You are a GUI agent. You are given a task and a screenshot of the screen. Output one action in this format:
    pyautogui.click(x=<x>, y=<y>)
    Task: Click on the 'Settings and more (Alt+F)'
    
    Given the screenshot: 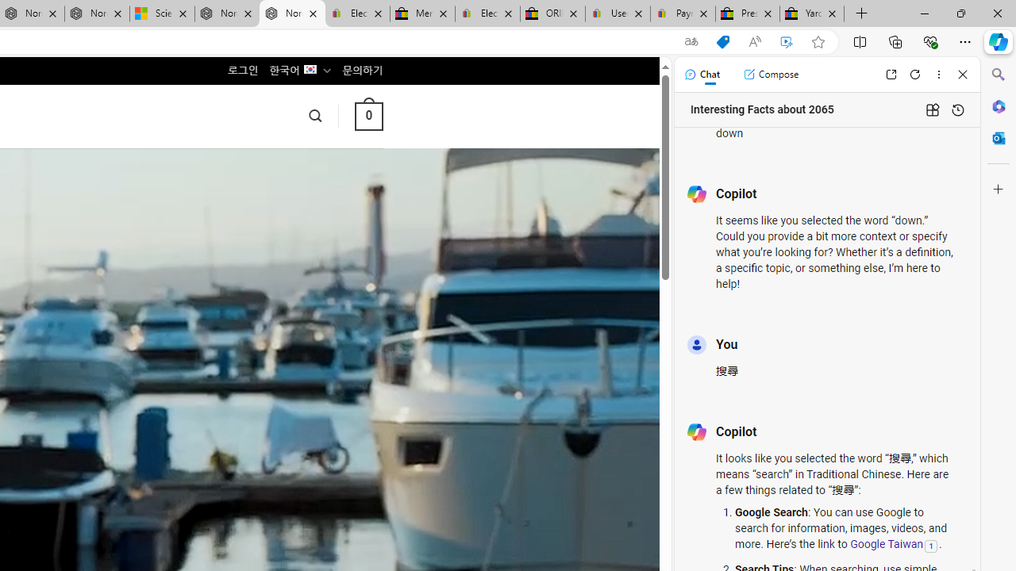 What is the action you would take?
    pyautogui.click(x=964, y=40)
    